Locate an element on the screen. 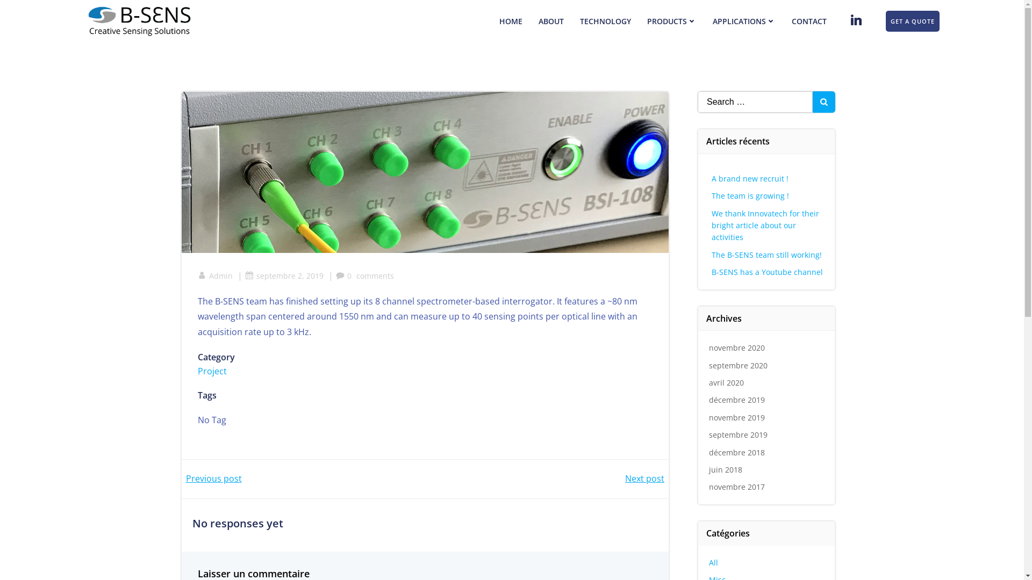  'ABOUT' is located at coordinates (551, 21).